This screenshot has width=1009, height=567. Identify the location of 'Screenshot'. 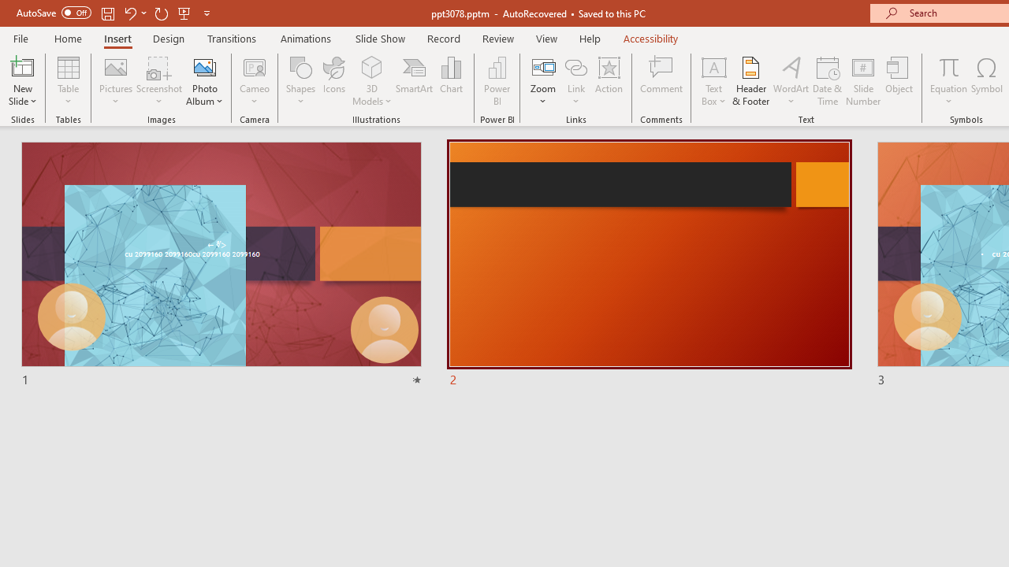
(159, 81).